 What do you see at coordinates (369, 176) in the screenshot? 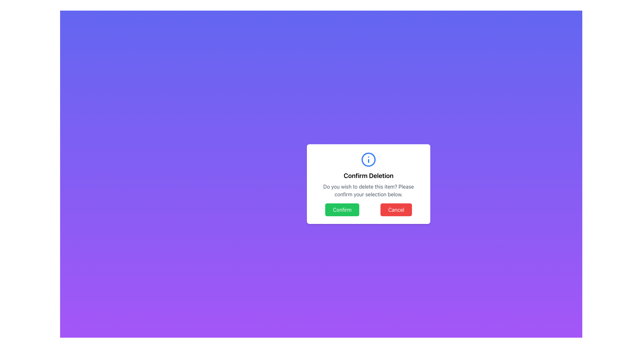
I see `the static text element displaying the title of the confirmation dialog for the deletion process, positioned within the modal box` at bounding box center [369, 176].